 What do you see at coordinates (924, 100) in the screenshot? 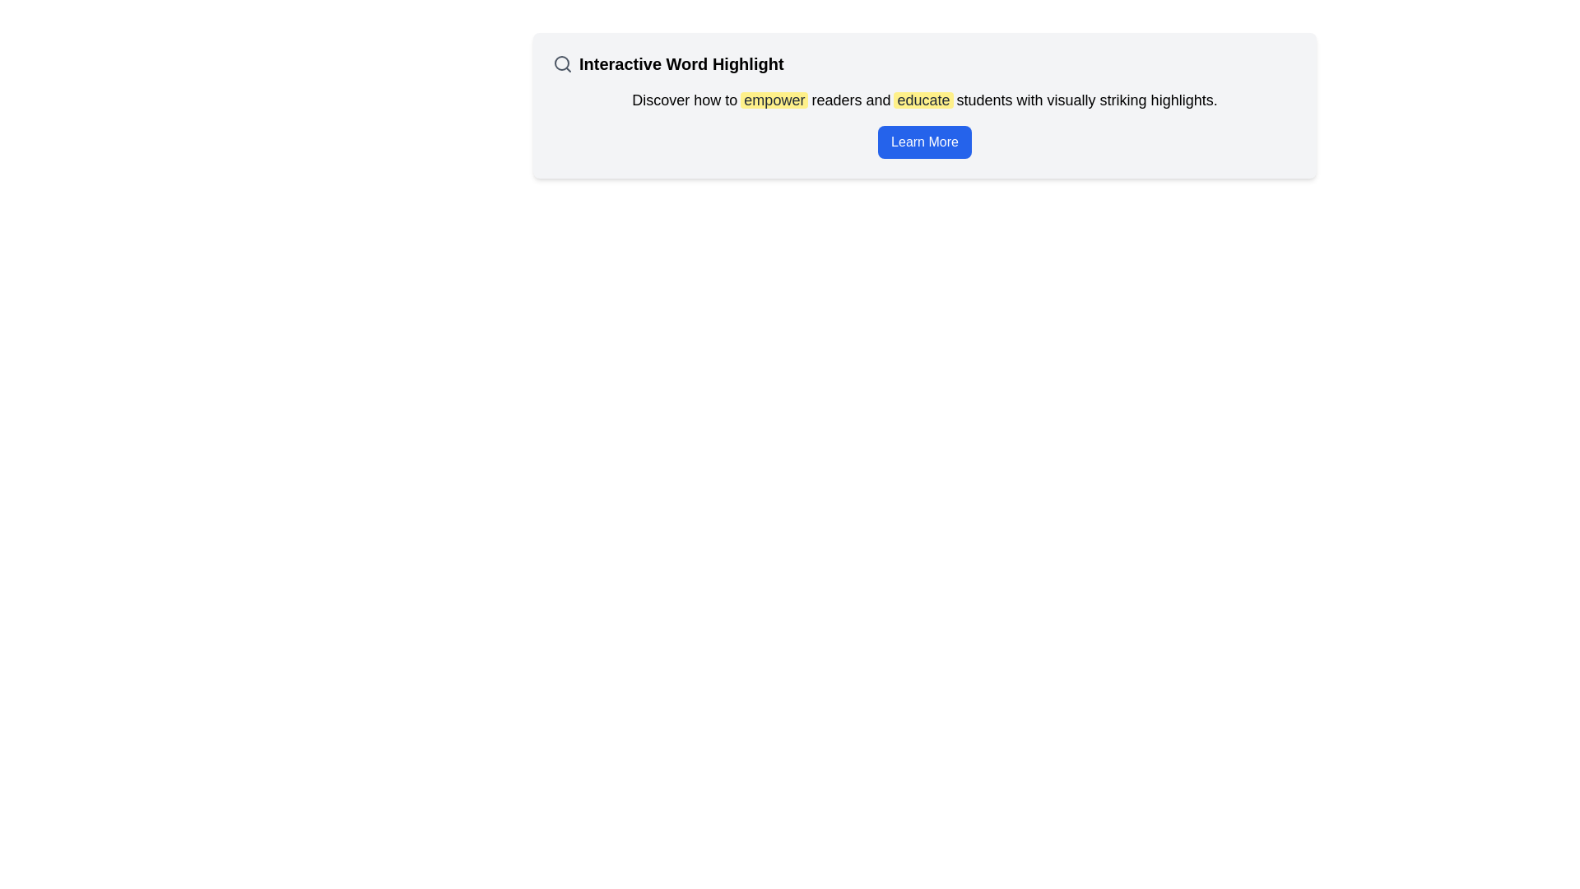
I see `the informative text element located below the 'Interactive Word Highlight' title and above the 'Learn More' button` at bounding box center [924, 100].